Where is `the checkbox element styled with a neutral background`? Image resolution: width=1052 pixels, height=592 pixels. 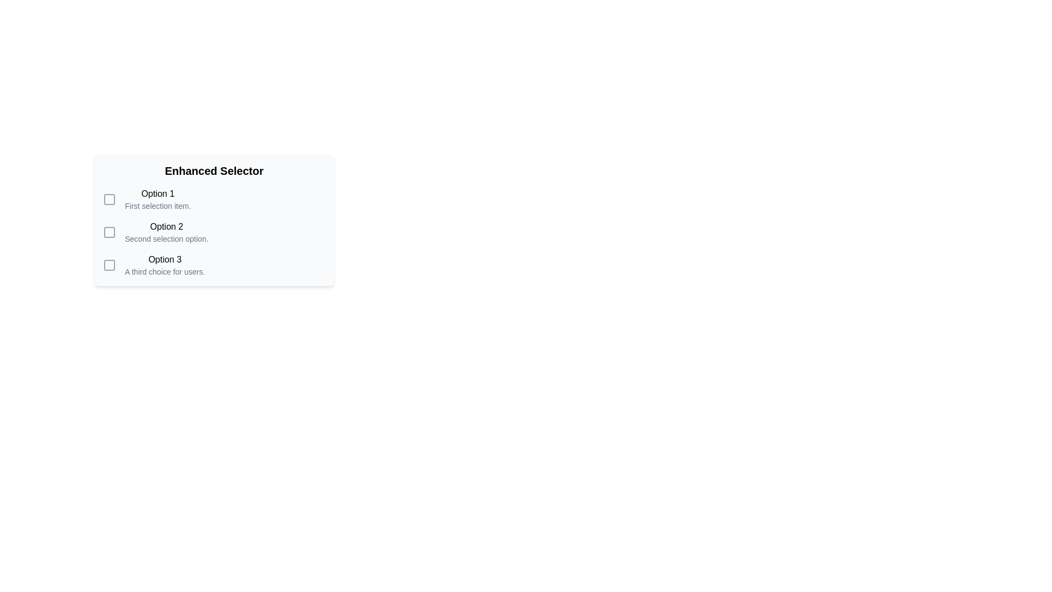
the checkbox element styled with a neutral background is located at coordinates (110, 265).